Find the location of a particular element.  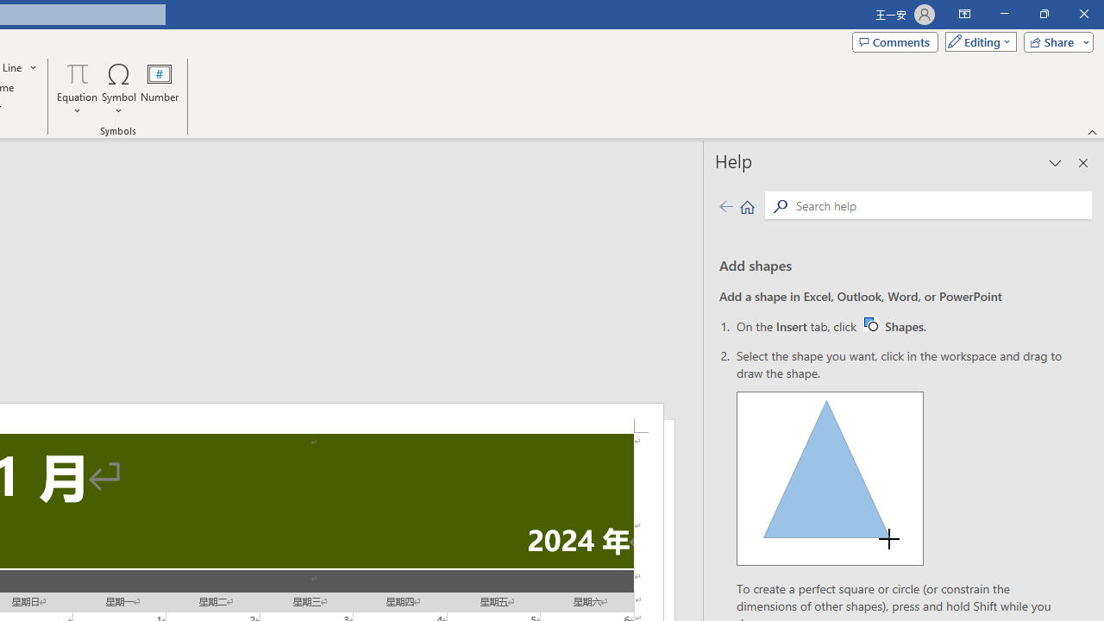

'Close' is located at coordinates (1082, 14).